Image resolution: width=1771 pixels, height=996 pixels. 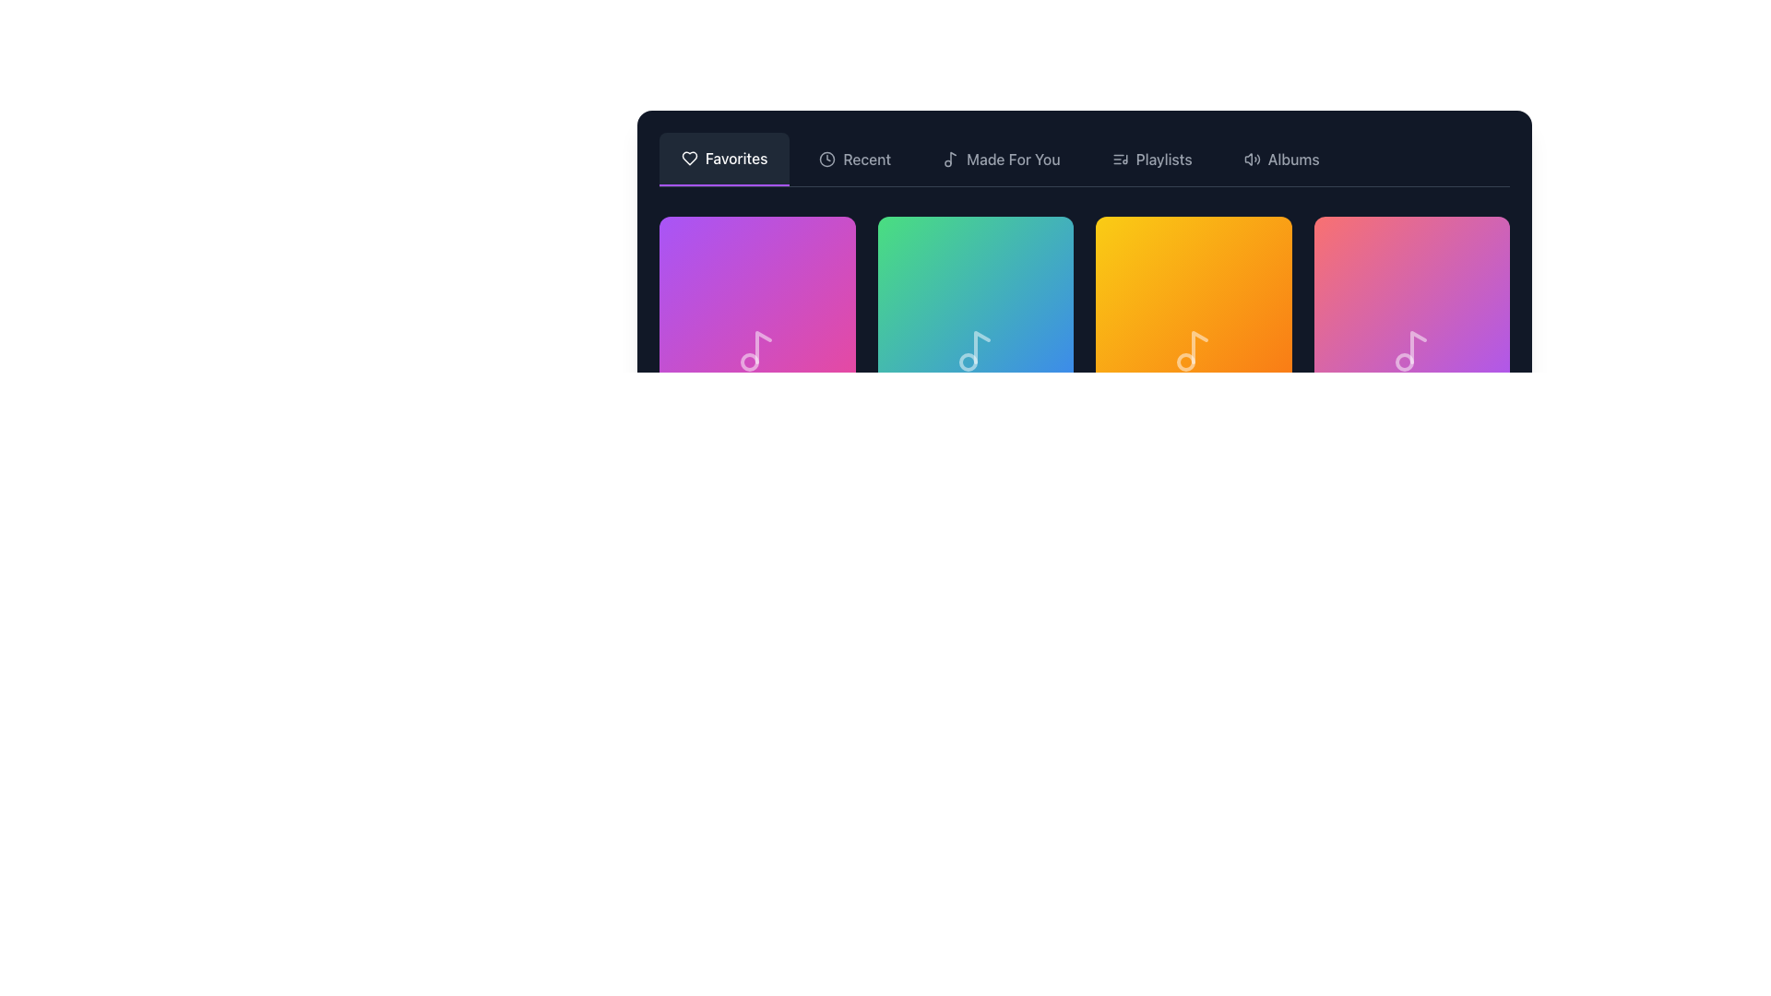 I want to click on the musical note icon, which is styled with a white color against an orange background, located in the third card of a horizontal card list under the navigation menu, so click(x=1194, y=351).